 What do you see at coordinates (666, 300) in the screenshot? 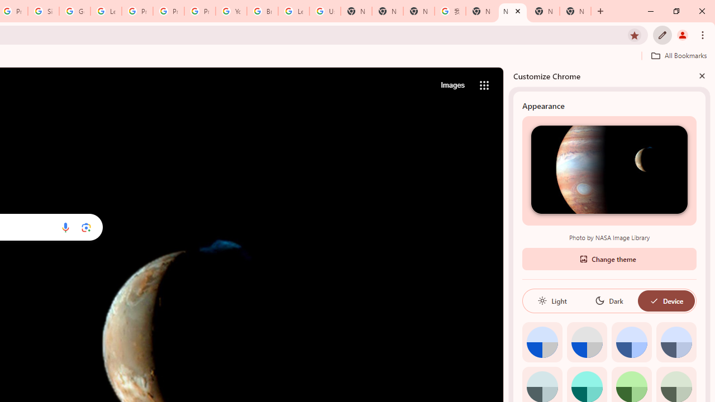
I see `'Device'` at bounding box center [666, 300].